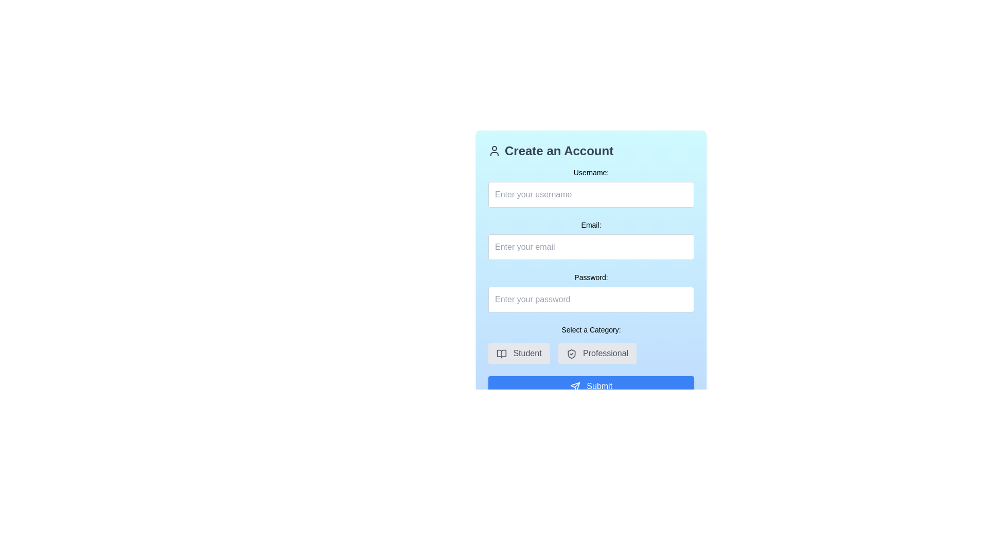 The height and width of the screenshot is (555, 988). What do you see at coordinates (494, 151) in the screenshot?
I see `the user profile icon, which is an abstract line drawing of a person with a circular head and rounded torso, positioned before the 'Create an Account' heading` at bounding box center [494, 151].